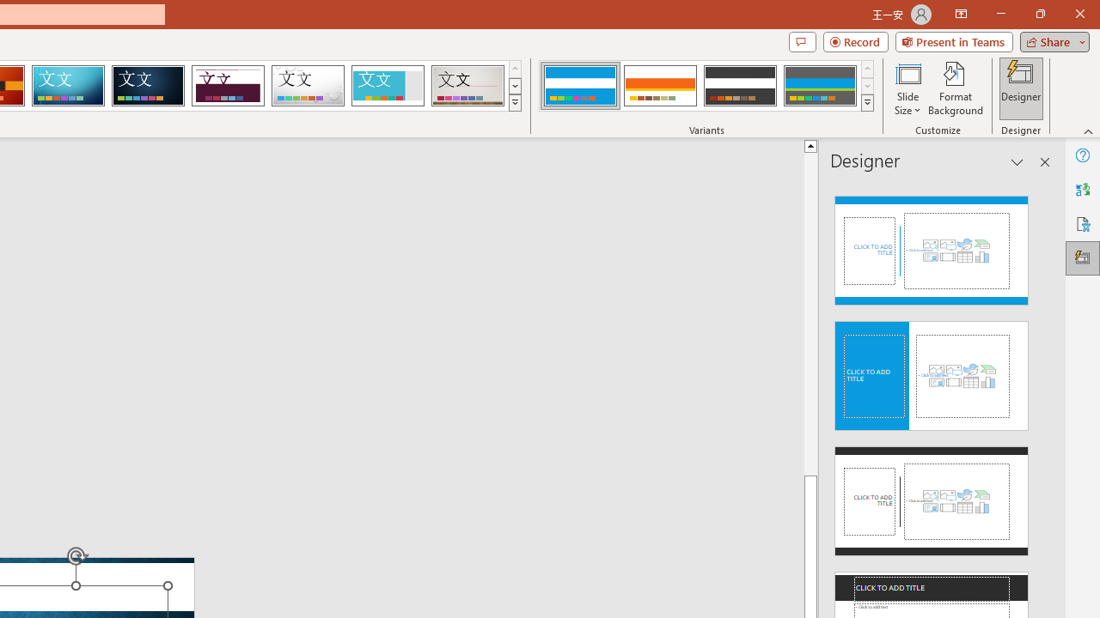 Image resolution: width=1100 pixels, height=618 pixels. Describe the element at coordinates (68, 86) in the screenshot. I see `'Circuit'` at that location.